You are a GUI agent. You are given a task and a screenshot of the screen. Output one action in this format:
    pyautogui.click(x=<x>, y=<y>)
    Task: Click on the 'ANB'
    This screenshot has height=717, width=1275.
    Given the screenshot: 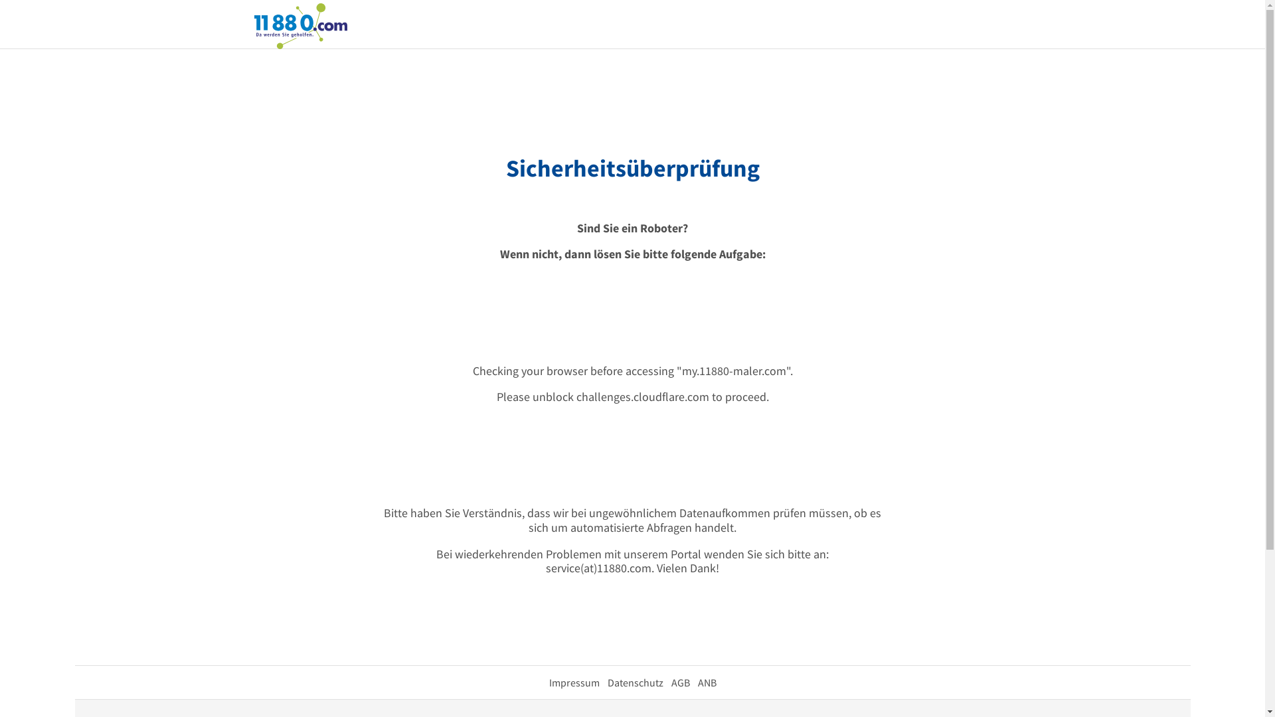 What is the action you would take?
    pyautogui.click(x=706, y=682)
    